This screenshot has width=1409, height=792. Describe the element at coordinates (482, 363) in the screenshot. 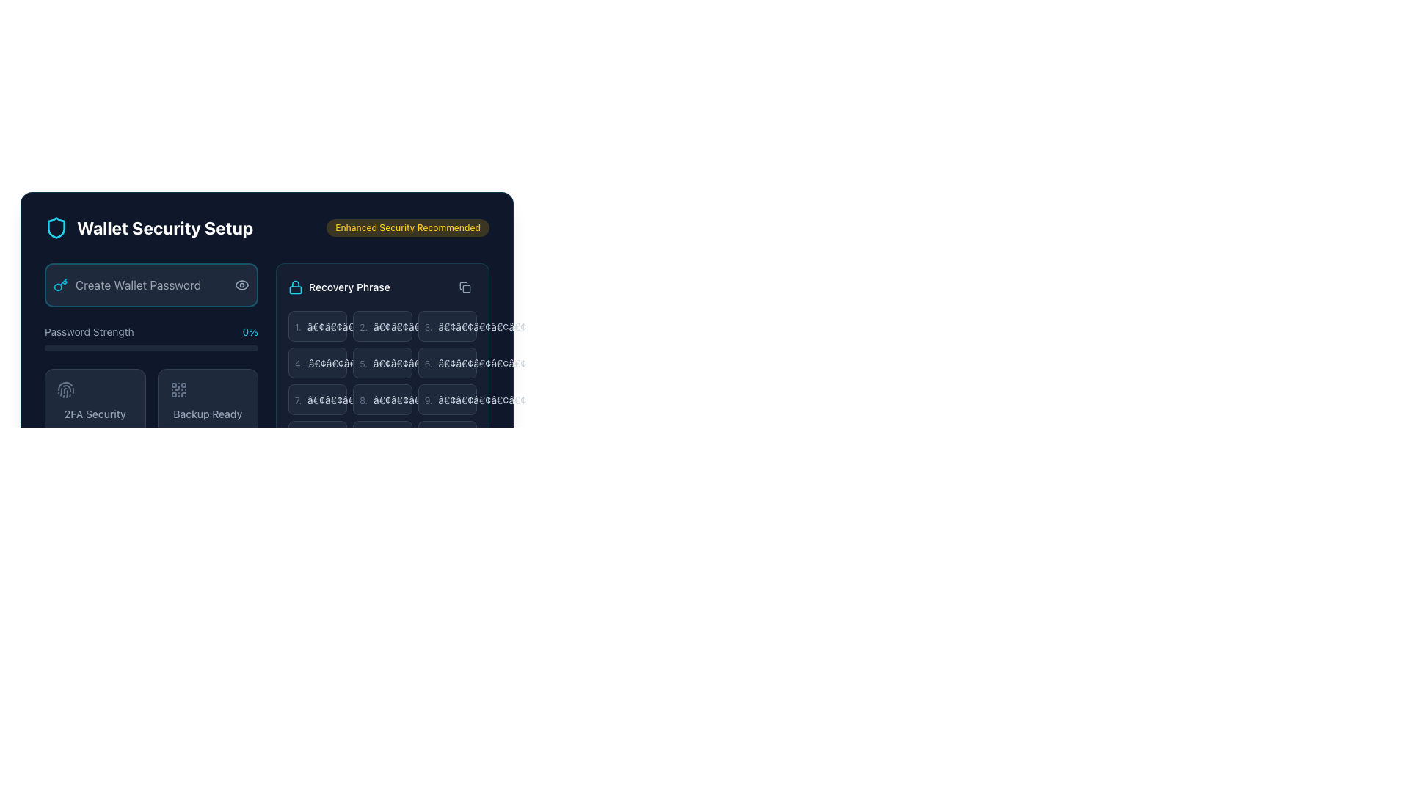

I see `the static text displaying five bullet-like symbols '•••••' in the sixth row of the 'Recovery Phrase' list` at that location.